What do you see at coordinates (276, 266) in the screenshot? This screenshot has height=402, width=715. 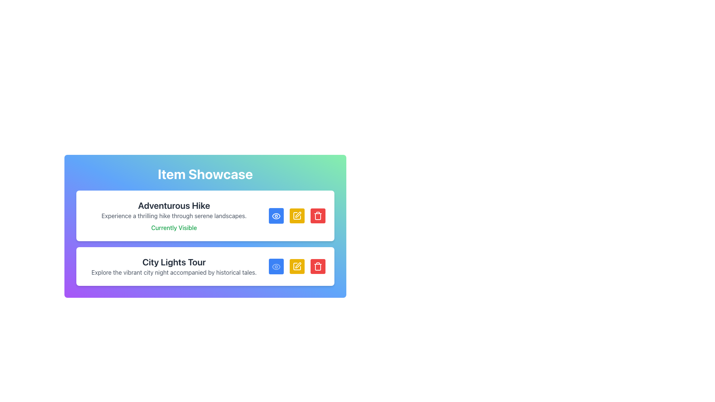 I see `the vibrant blue button with an eye symbol in the bottom right section of the 'City Lights Tour' card` at bounding box center [276, 266].